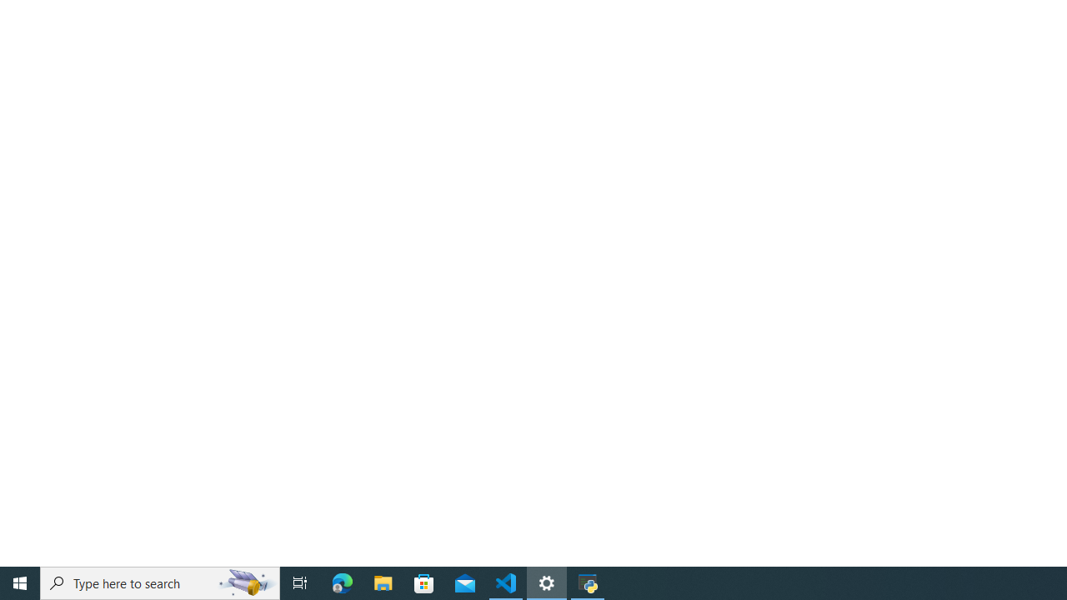 The width and height of the screenshot is (1067, 600). Describe the element at coordinates (547, 582) in the screenshot. I see `'Settings - 1 running window'` at that location.